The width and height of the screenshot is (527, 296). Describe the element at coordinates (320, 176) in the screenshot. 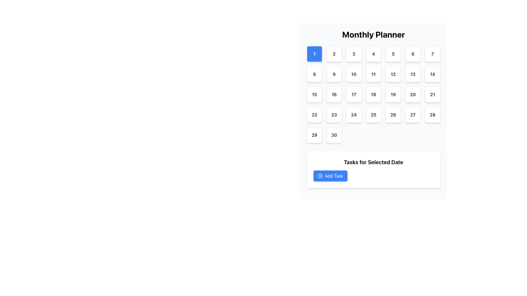

I see `the circular '+' icon inside the 'Add Task' button located at the bottom of the 'Tasks for Selected Date' section` at that location.